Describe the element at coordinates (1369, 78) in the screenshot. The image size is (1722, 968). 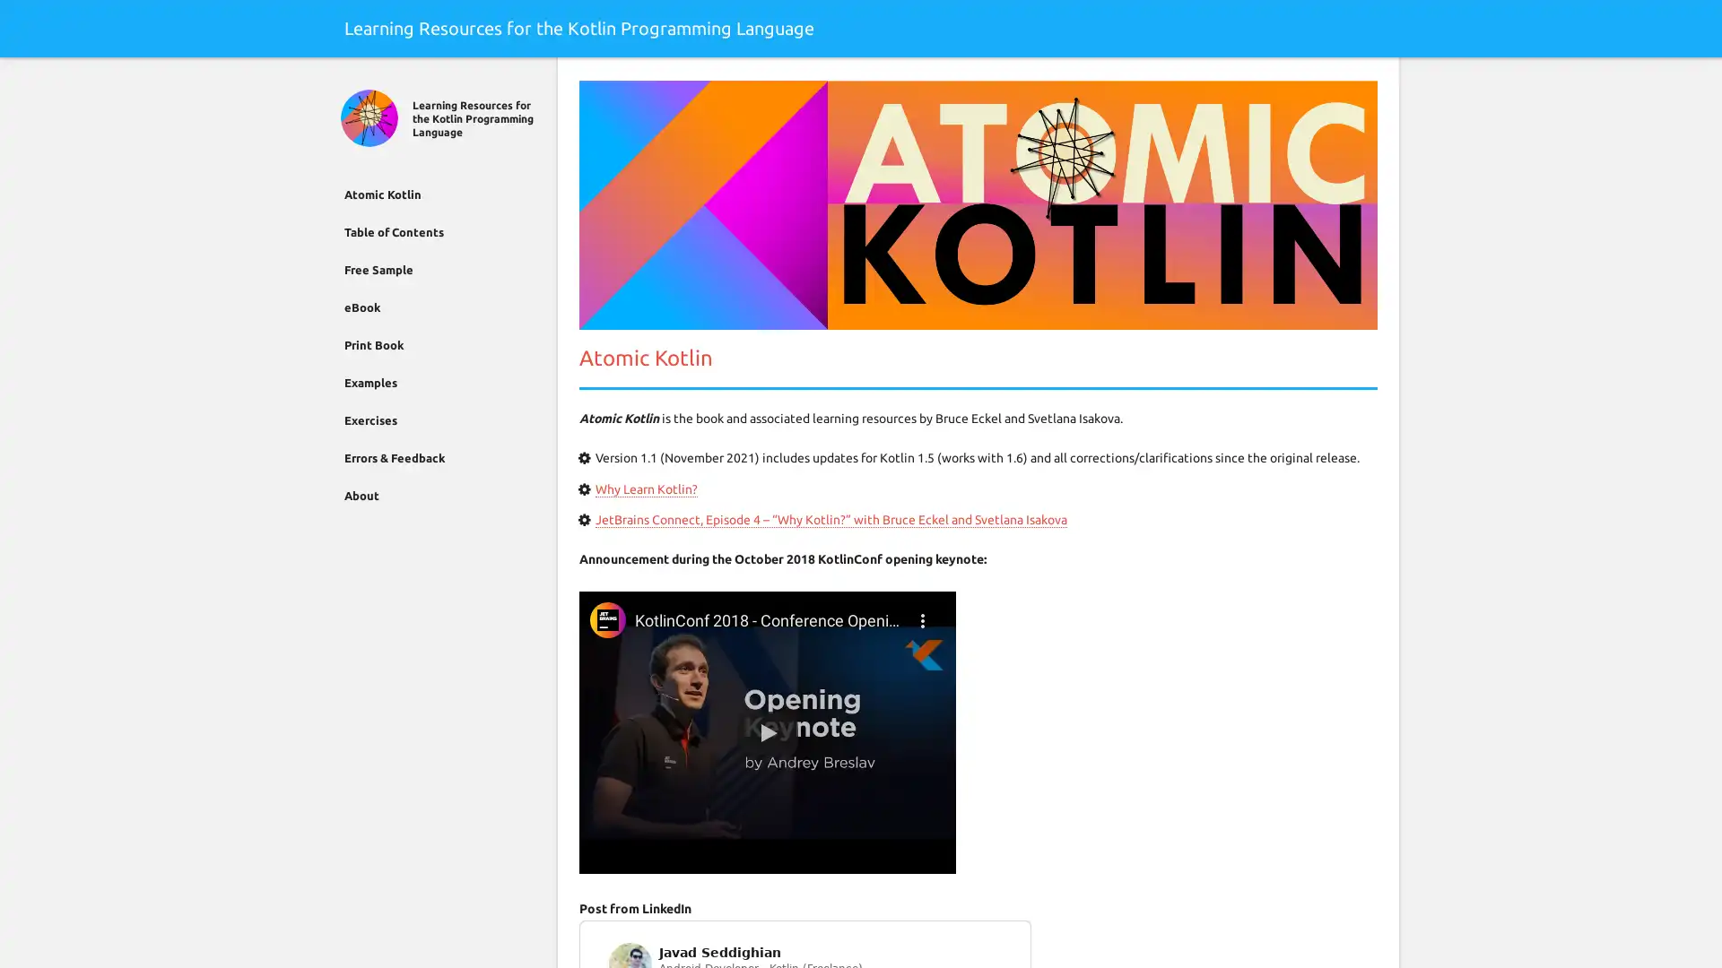
I see `Search` at that location.